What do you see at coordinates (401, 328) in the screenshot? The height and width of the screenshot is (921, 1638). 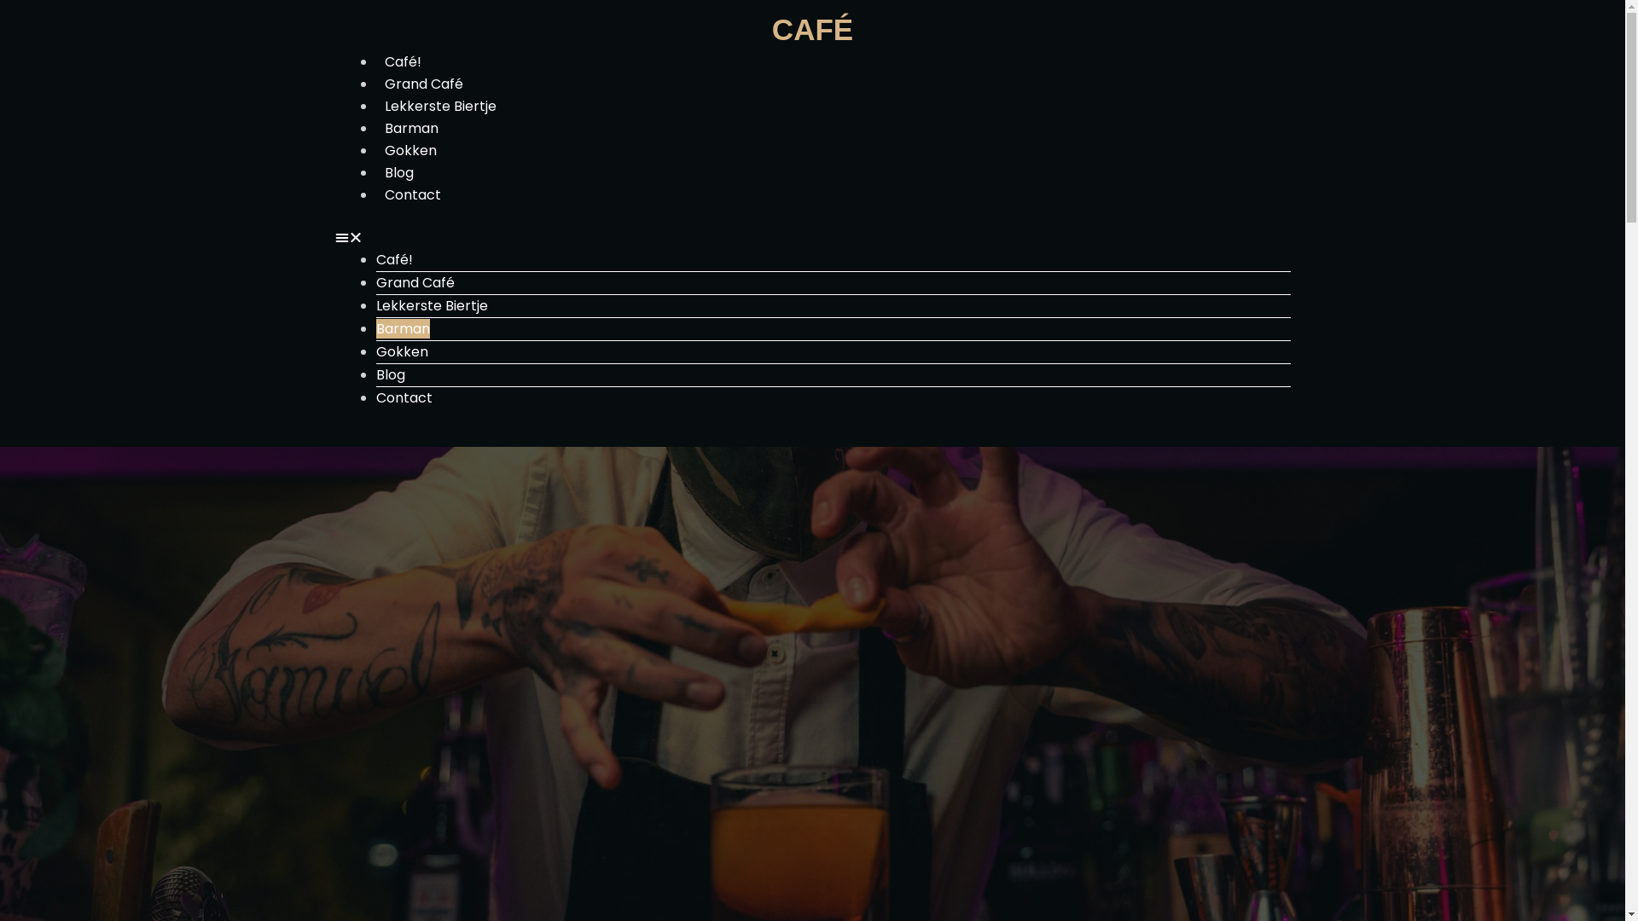 I see `'Barman'` at bounding box center [401, 328].